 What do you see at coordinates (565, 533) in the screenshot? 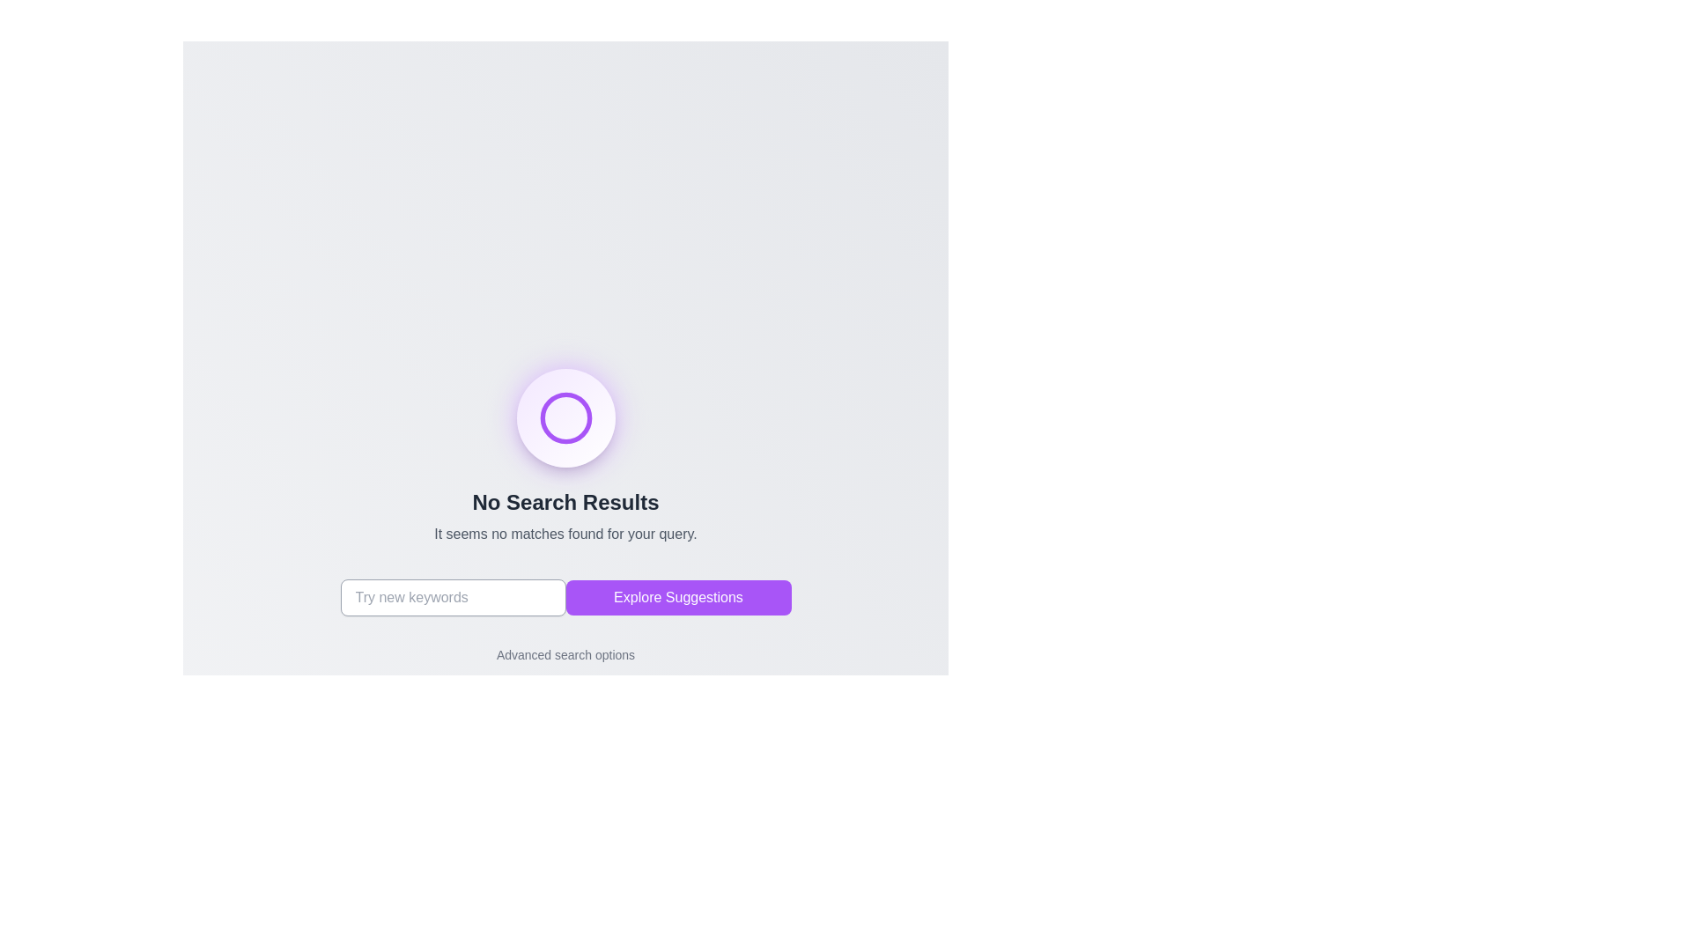
I see `the informational Text label that indicates no search results, positioned below the 'No Search Results' headline and above the action buttons` at bounding box center [565, 533].